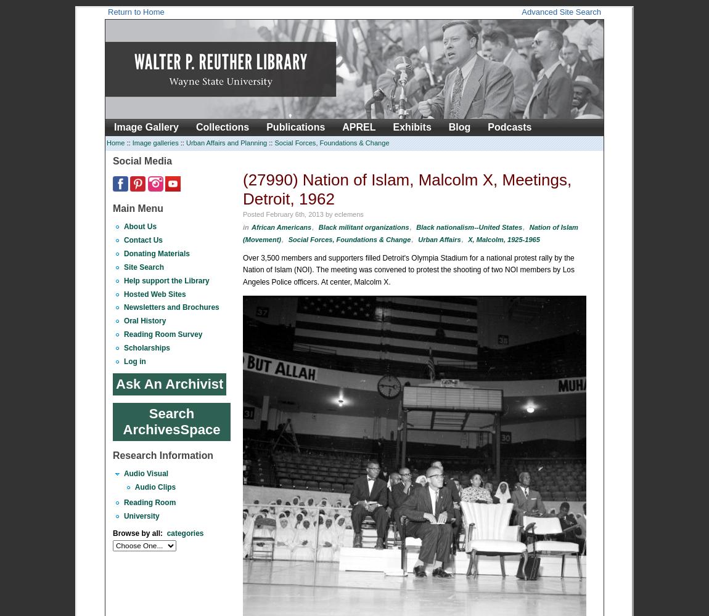 The height and width of the screenshot is (616, 709). What do you see at coordinates (242, 226) in the screenshot?
I see `'in'` at bounding box center [242, 226].